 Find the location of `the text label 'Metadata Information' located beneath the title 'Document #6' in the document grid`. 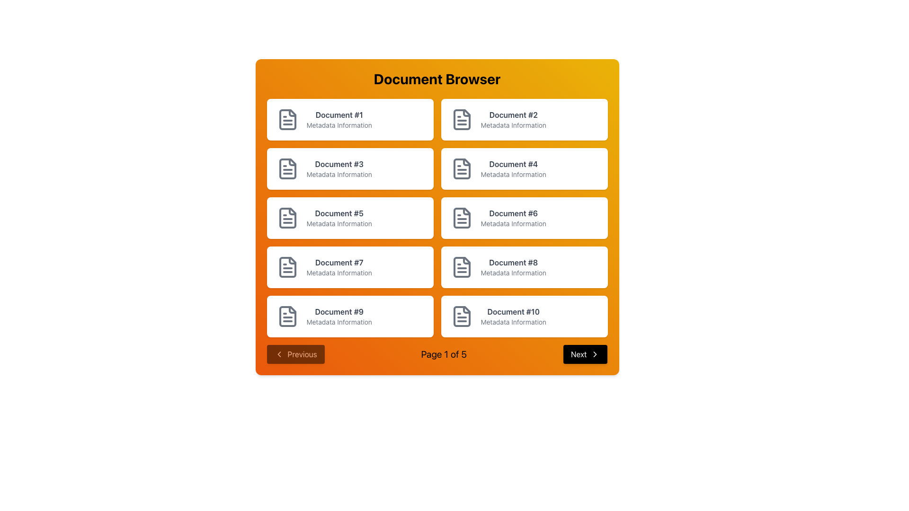

the text label 'Metadata Information' located beneath the title 'Document #6' in the document grid is located at coordinates (513, 224).